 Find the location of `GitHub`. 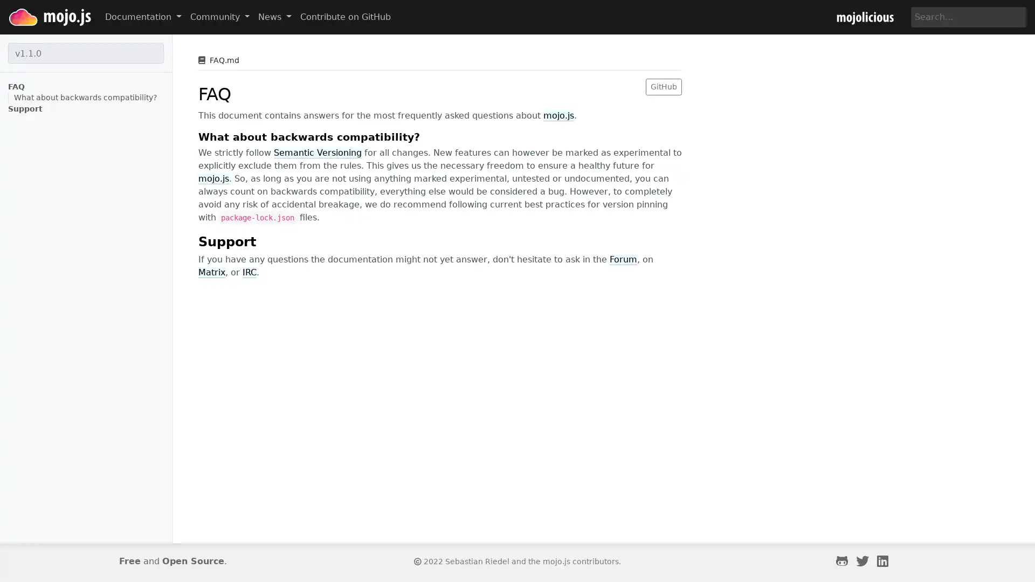

GitHub is located at coordinates (663, 86).